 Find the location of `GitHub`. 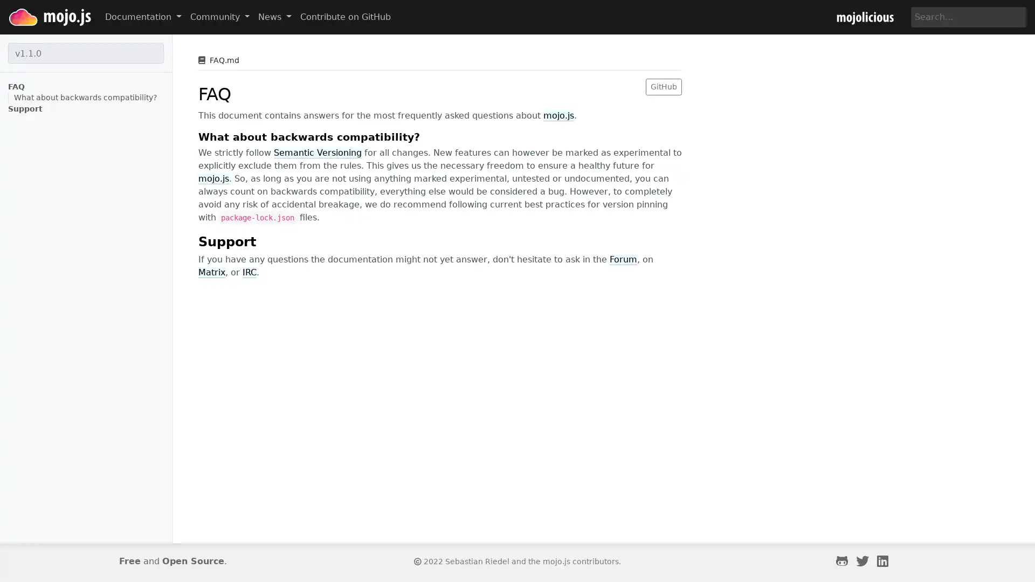

GitHub is located at coordinates (663, 86).